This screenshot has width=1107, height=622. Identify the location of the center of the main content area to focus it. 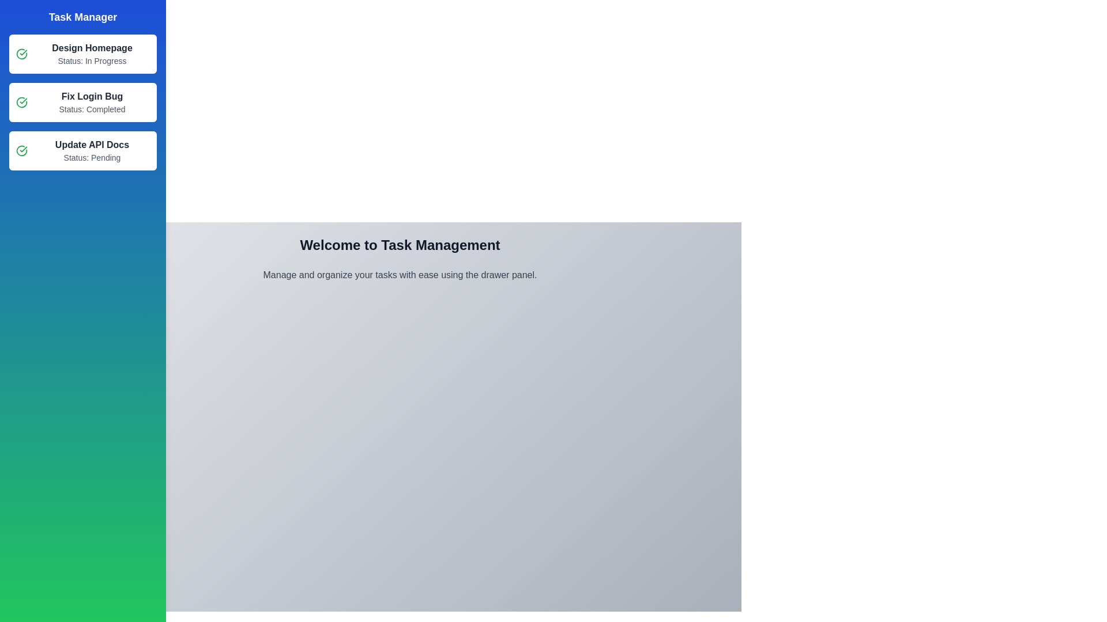
(400, 533).